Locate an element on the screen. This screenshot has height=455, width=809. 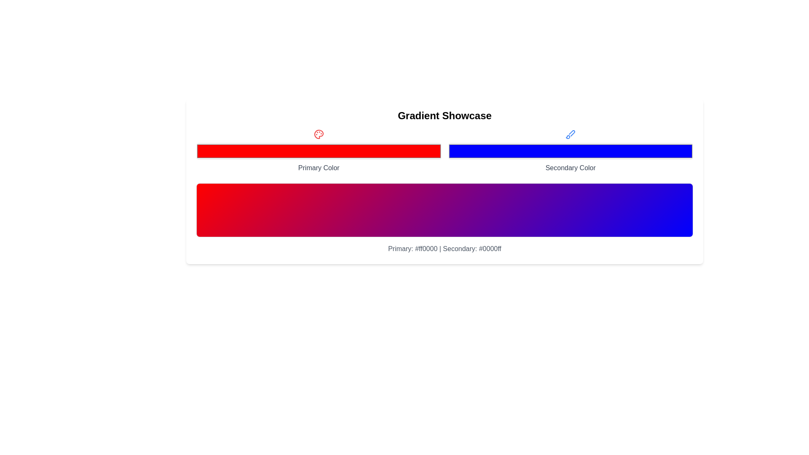
text of the heading element that serves as the title or overview for the section, positioned above the 'Primary Color' and 'Secondary Color' labels is located at coordinates (444, 115).